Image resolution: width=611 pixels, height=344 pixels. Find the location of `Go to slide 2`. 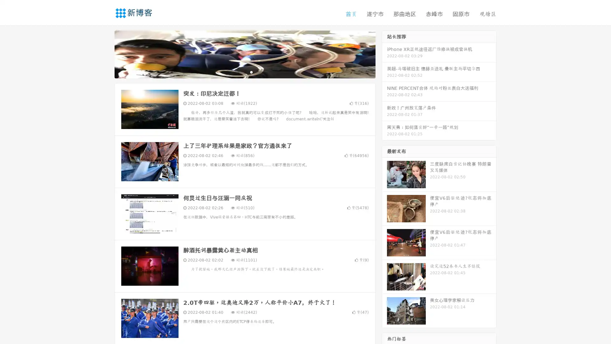

Go to slide 2 is located at coordinates (244, 72).